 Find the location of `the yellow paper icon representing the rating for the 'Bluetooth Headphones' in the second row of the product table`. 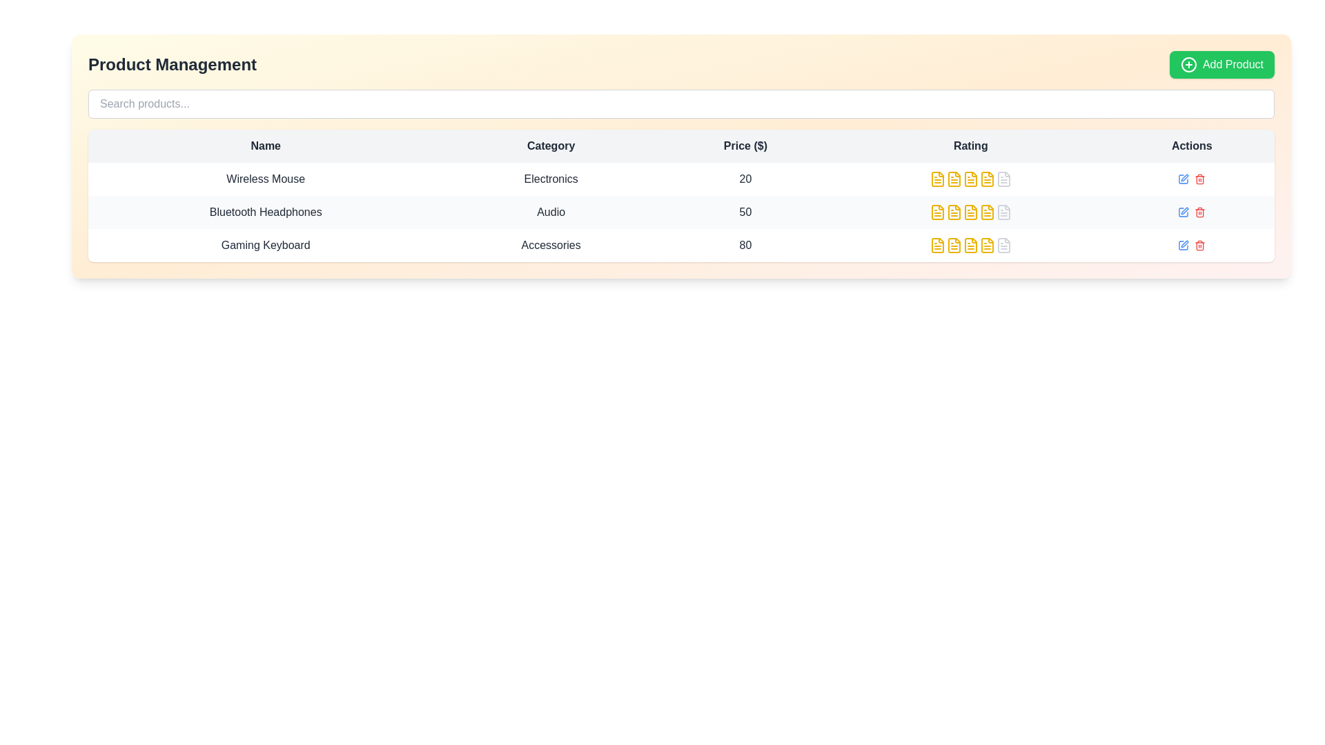

the yellow paper icon representing the rating for the 'Bluetooth Headphones' in the second row of the product table is located at coordinates (937, 212).